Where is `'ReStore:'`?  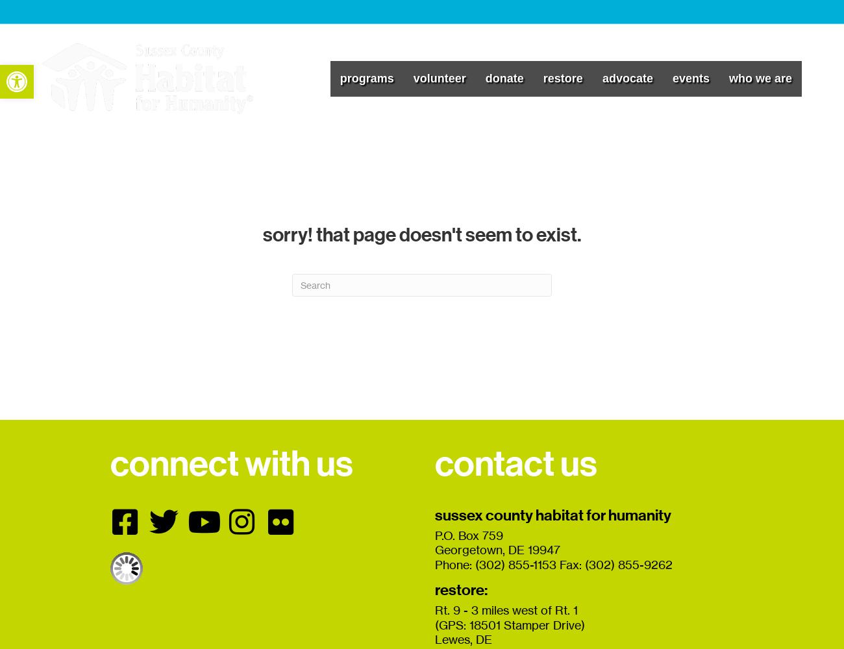
'ReStore:' is located at coordinates (461, 590).